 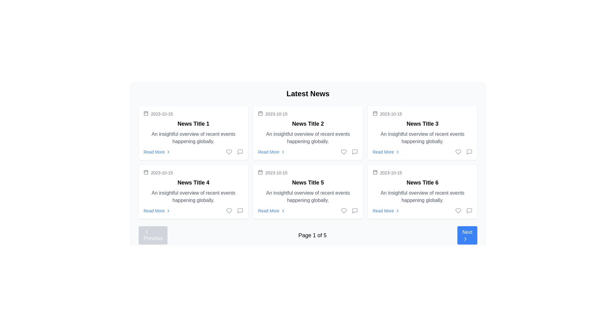 I want to click on the speech bubble icon in the bottom-right corner of the card for 'News Title 4', so click(x=240, y=210).